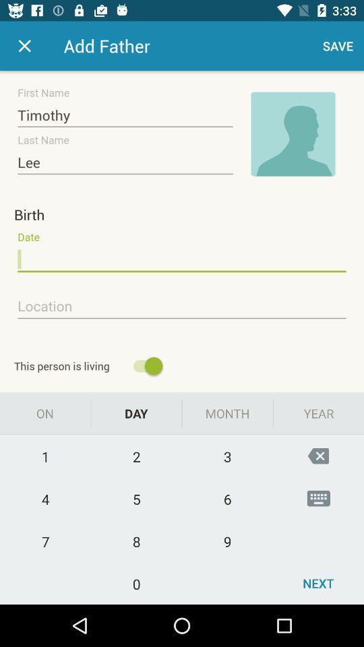 The height and width of the screenshot is (647, 364). I want to click on location, so click(182, 307).